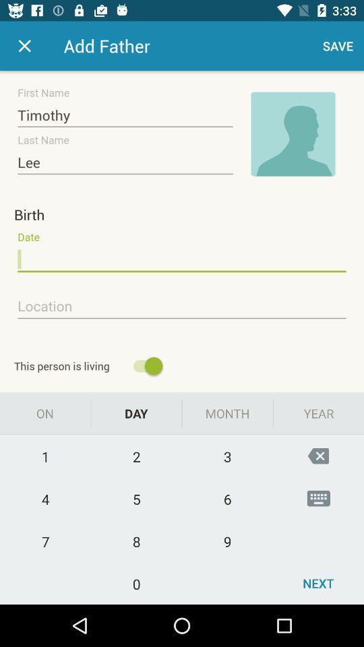 The height and width of the screenshot is (647, 364). I want to click on location, so click(182, 307).